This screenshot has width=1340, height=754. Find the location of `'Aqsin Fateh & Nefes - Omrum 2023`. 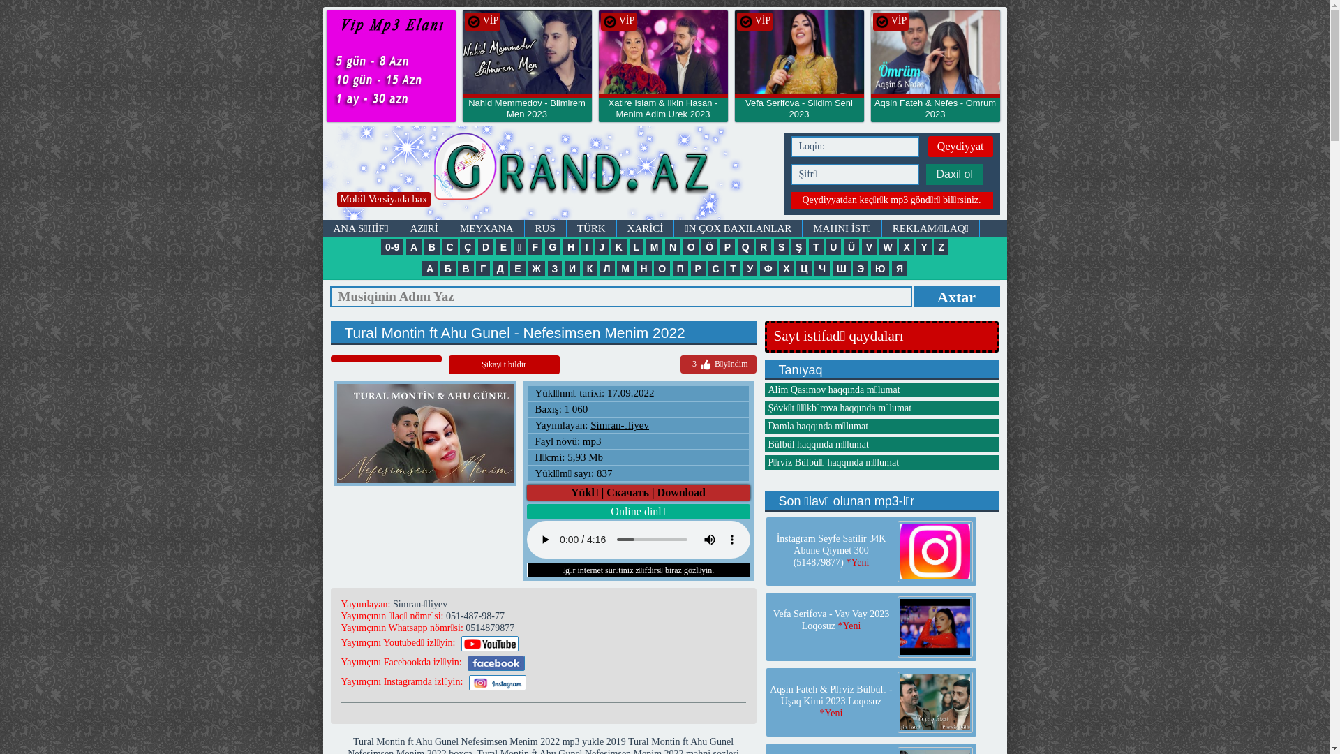

'Aqsin Fateh & Nefes - Omrum 2023 is located at coordinates (935, 114).